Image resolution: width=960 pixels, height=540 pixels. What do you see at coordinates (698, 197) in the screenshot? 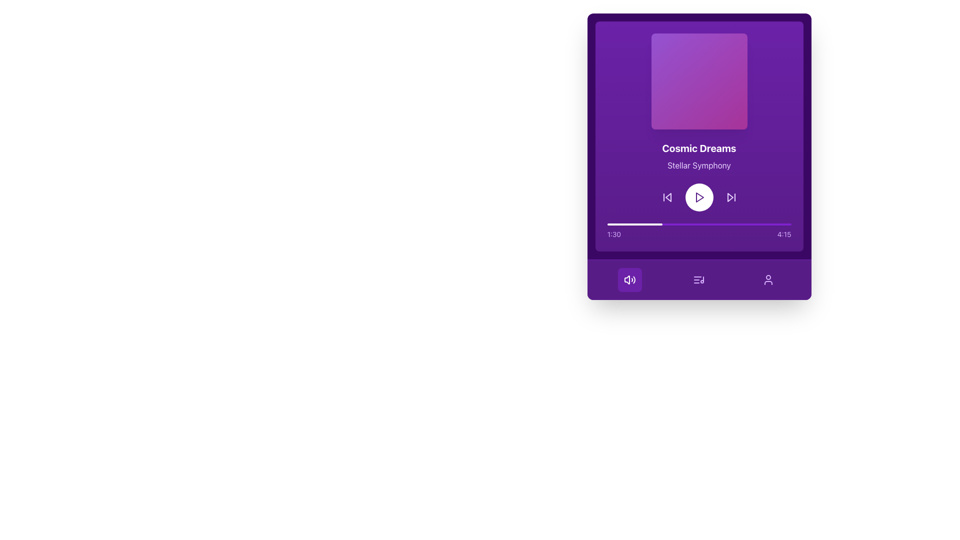
I see `the play/pause button located centrally below the song title and artist name in the media player` at bounding box center [698, 197].